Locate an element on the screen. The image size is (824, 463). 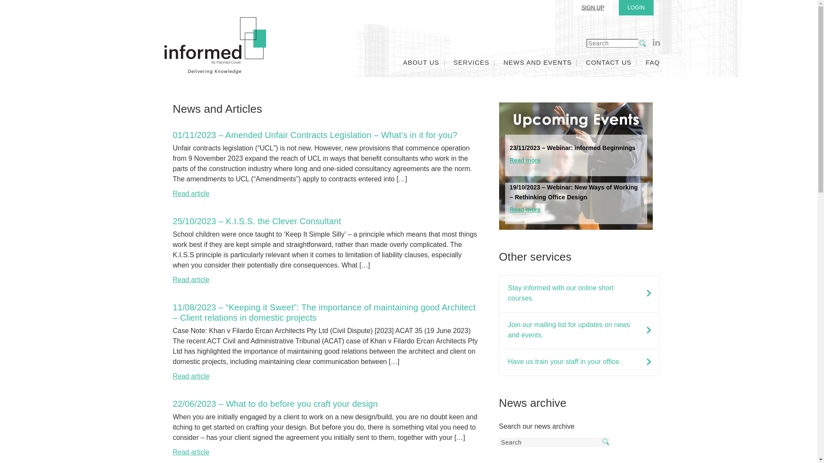
'NEWS AND EVENTS' is located at coordinates (537, 62).